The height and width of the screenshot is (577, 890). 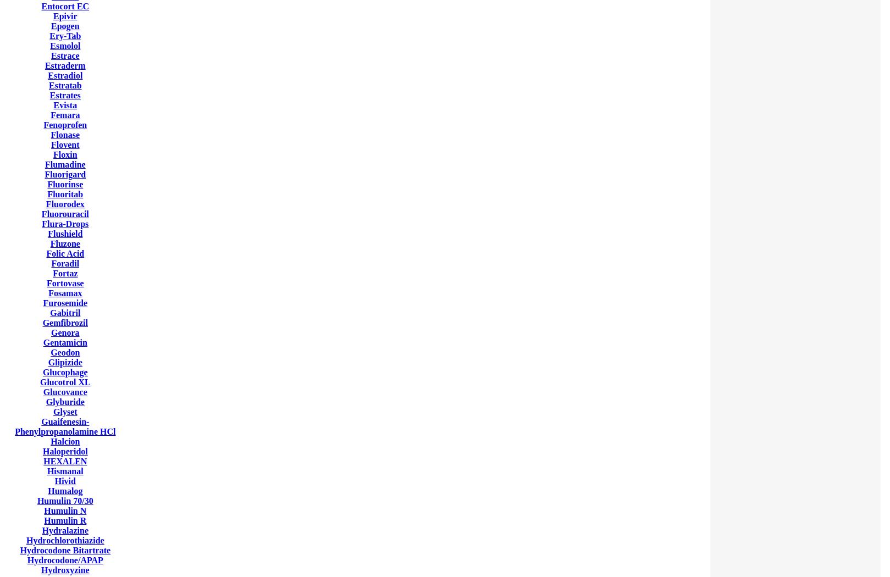 What do you see at coordinates (65, 104) in the screenshot?
I see `'Evista'` at bounding box center [65, 104].